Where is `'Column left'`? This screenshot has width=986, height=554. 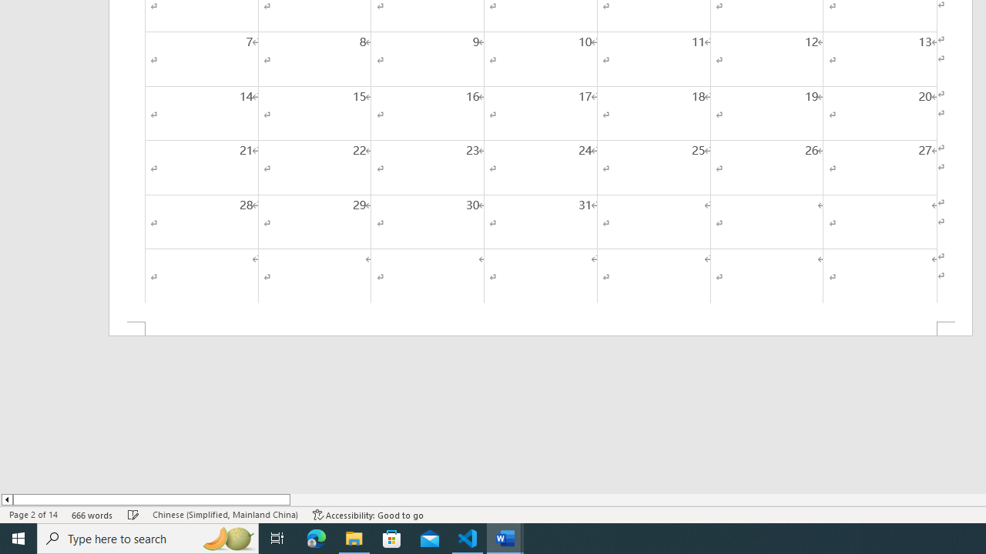
'Column left' is located at coordinates (6, 499).